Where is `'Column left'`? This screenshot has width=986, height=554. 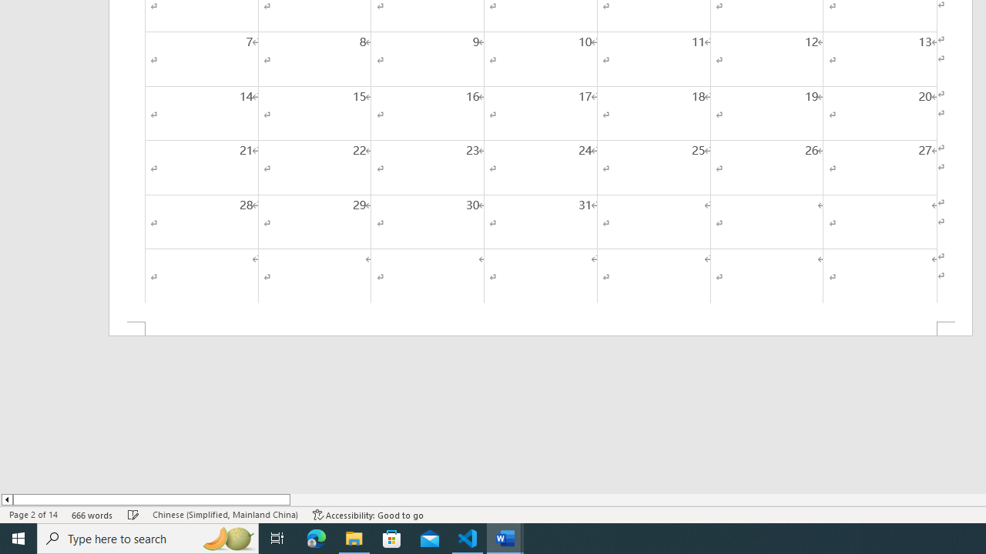
'Column left' is located at coordinates (6, 499).